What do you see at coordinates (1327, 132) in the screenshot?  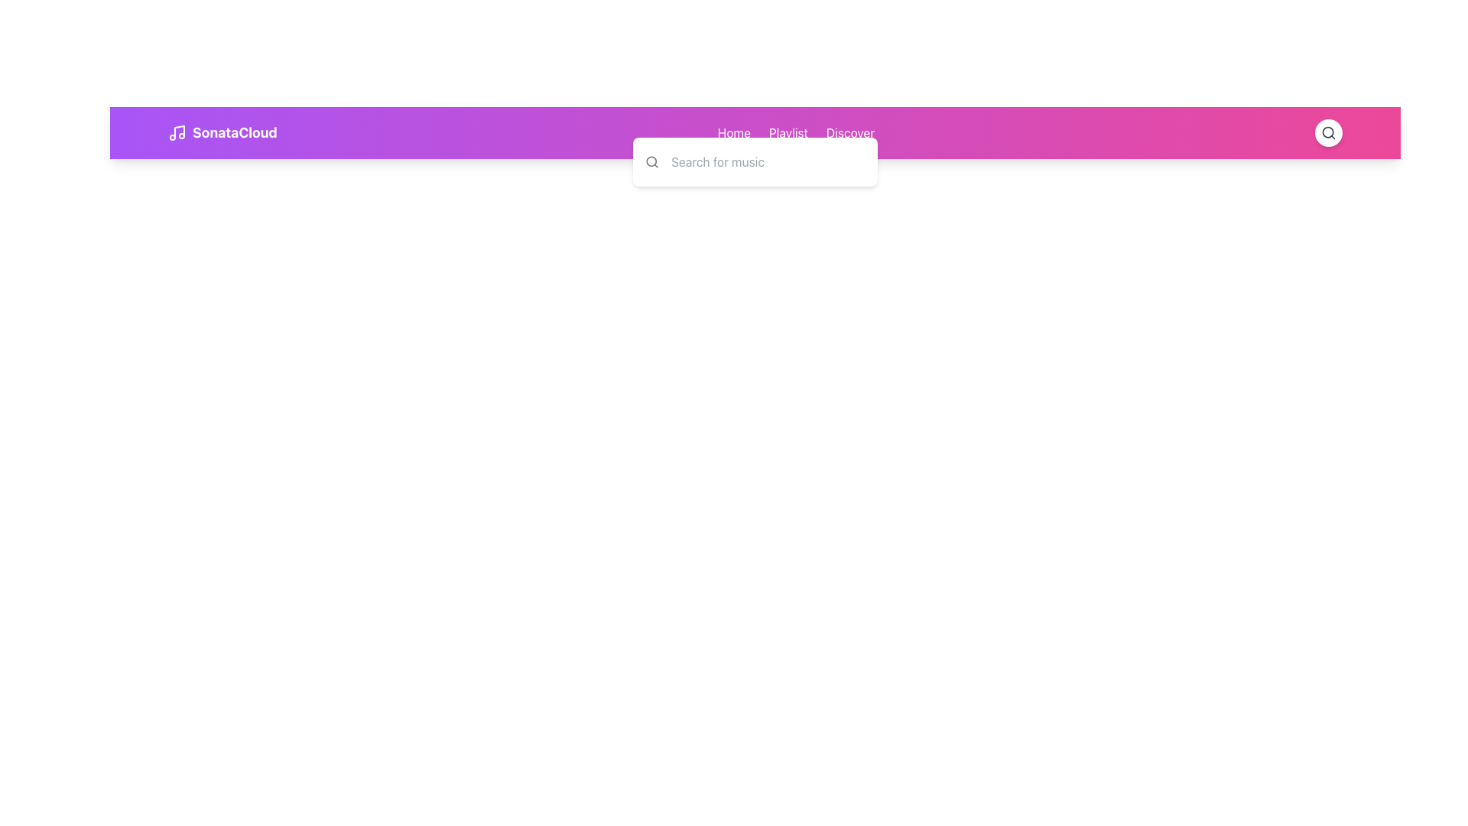 I see `the Search Icon located within a white circular button at the right corner of the navigation bar` at bounding box center [1327, 132].